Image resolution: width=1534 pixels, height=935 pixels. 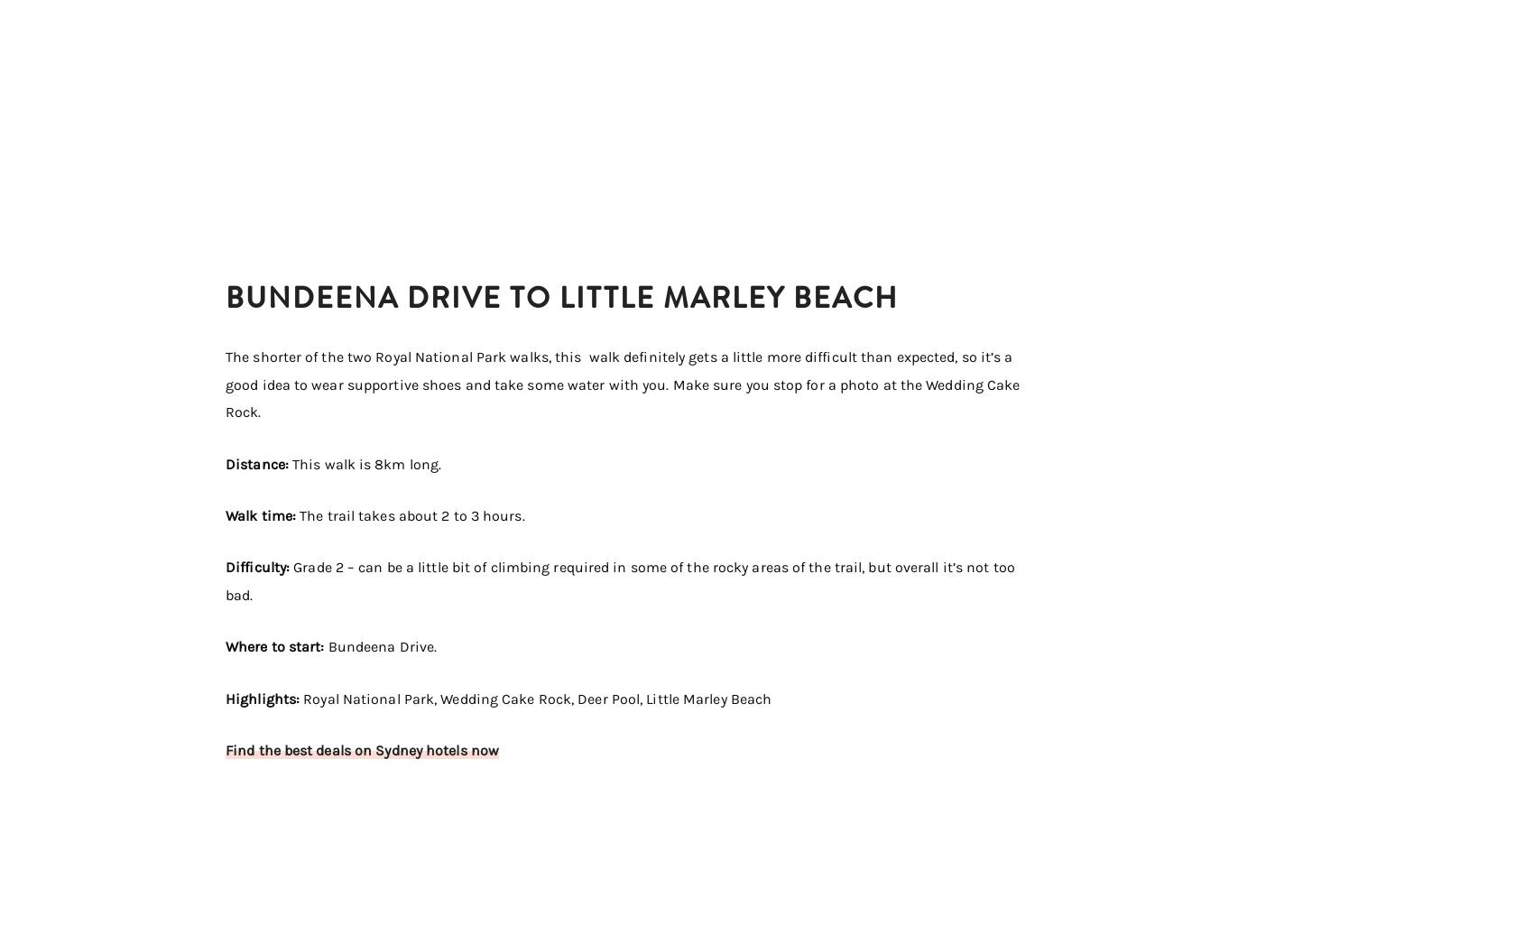 I want to click on 'Distance:', so click(x=226, y=463).